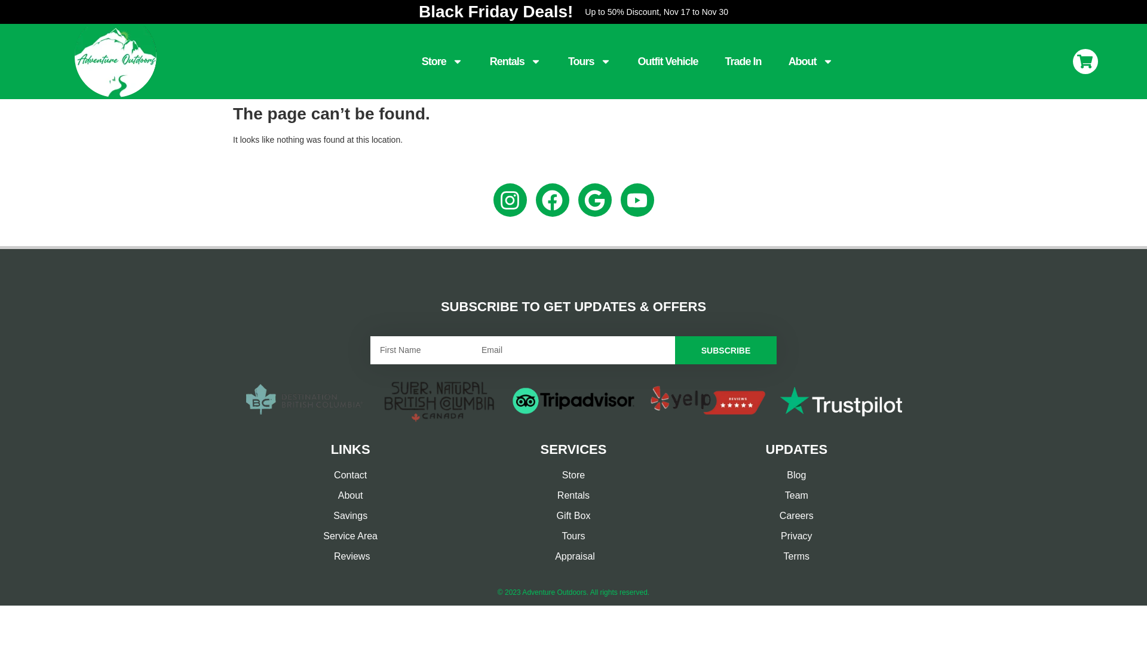 The image size is (1147, 645). What do you see at coordinates (796, 515) in the screenshot?
I see `'Careers'` at bounding box center [796, 515].